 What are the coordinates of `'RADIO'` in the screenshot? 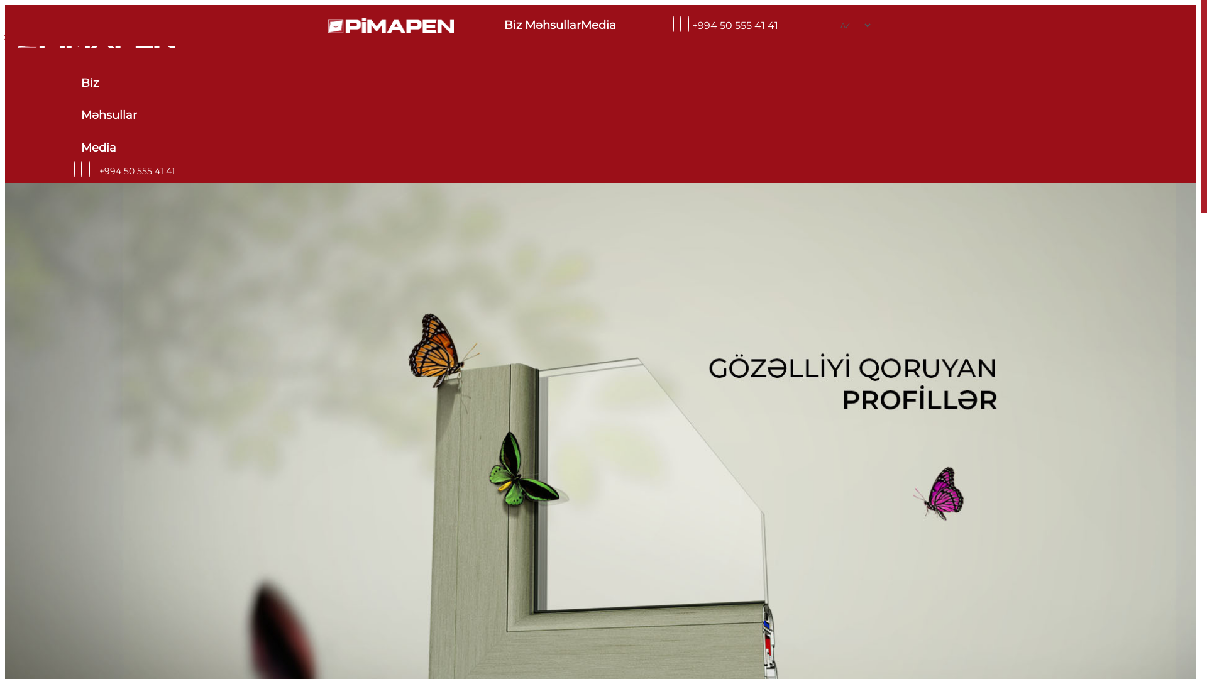 It's located at (115, 36).